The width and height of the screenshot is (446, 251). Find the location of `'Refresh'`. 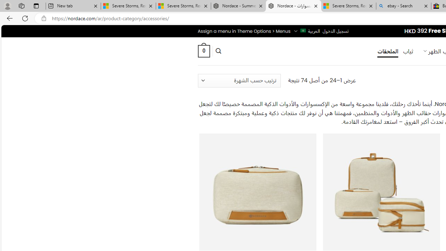

'Refresh' is located at coordinates (25, 18).